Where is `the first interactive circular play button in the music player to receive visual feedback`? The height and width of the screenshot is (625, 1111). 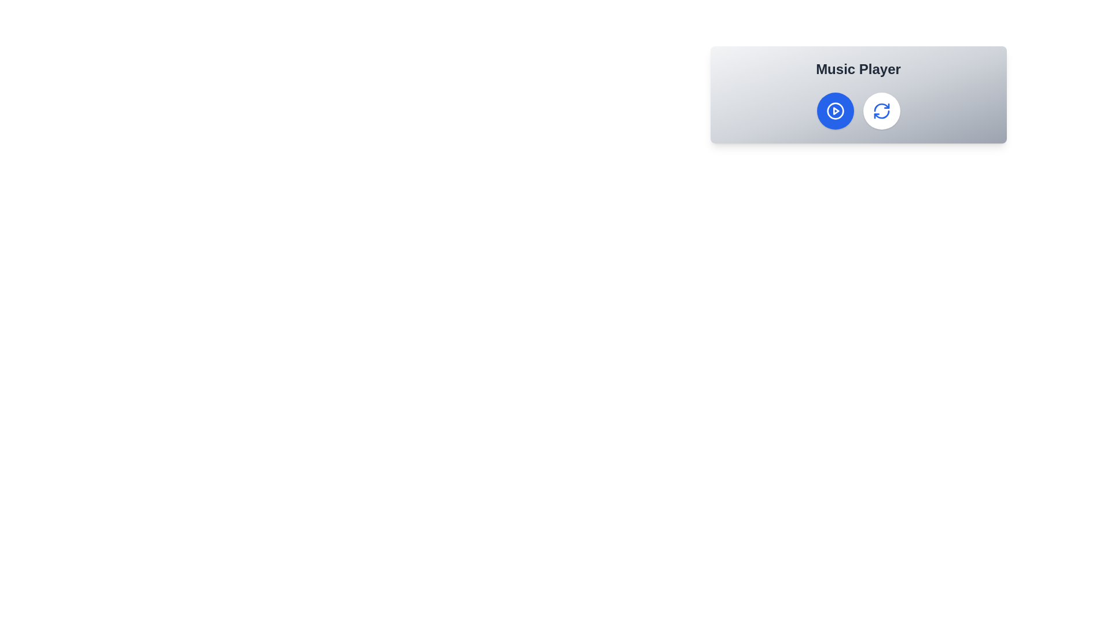 the first interactive circular play button in the music player to receive visual feedback is located at coordinates (835, 111).